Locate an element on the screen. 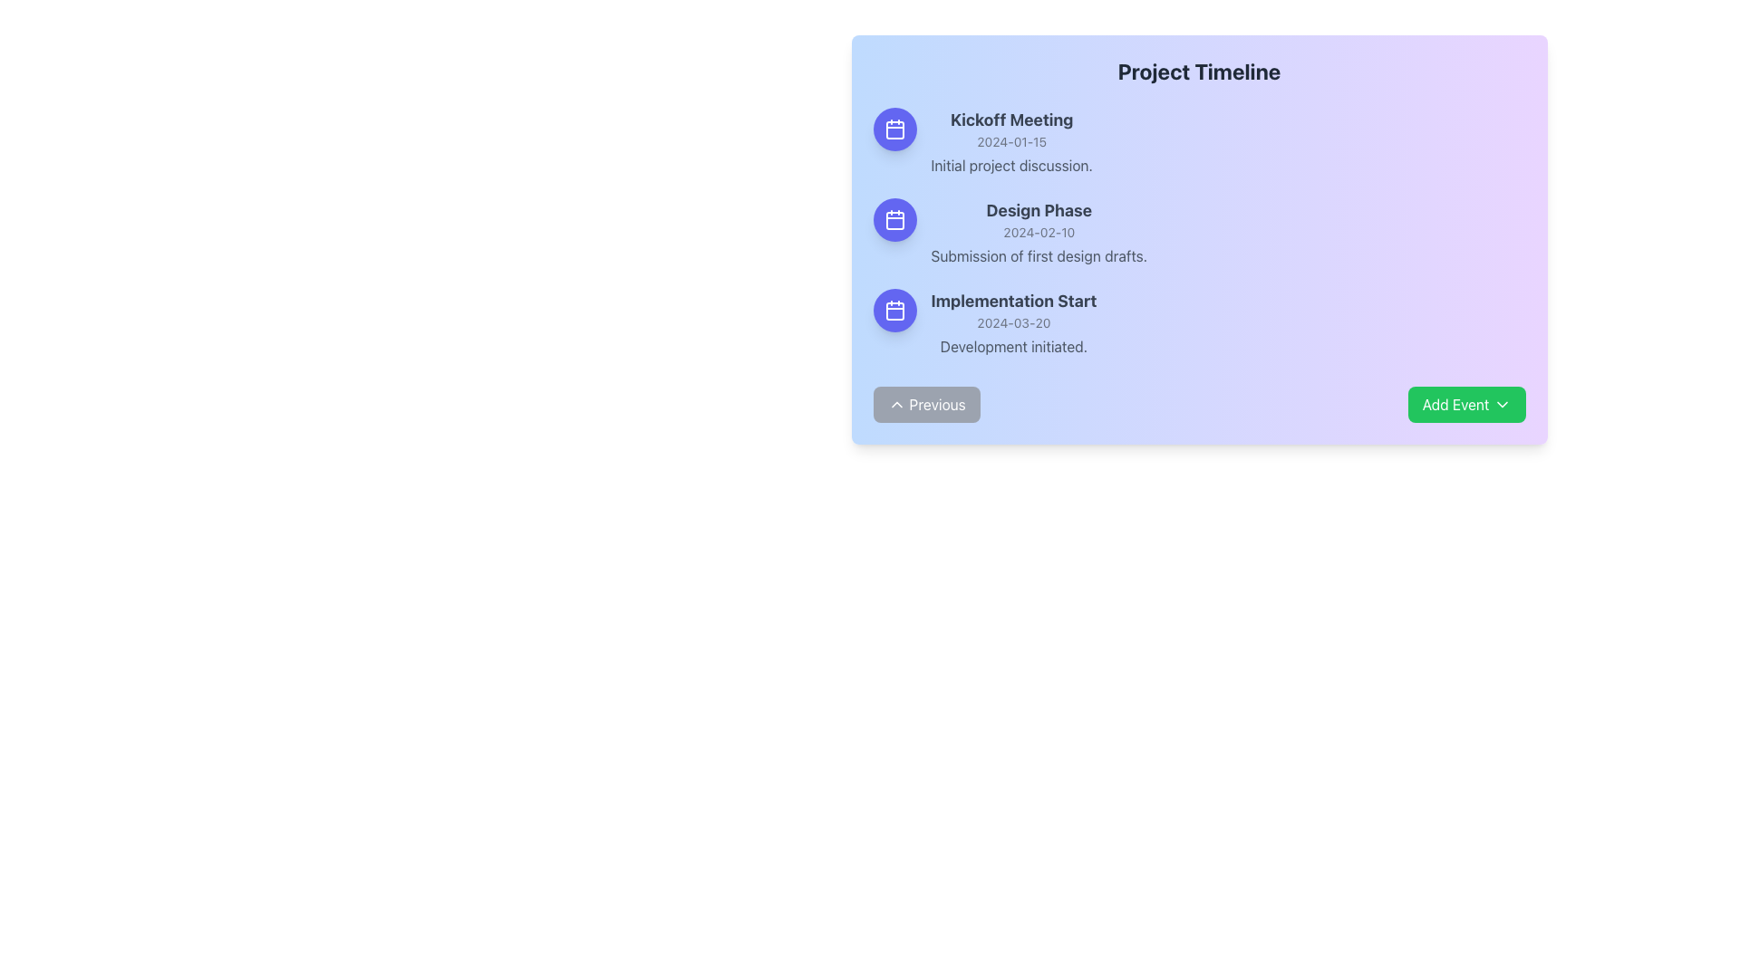 Image resolution: width=1740 pixels, height=978 pixels. the calendar icon located in the 'Project Timeline' section, which is the leftmost icon in the first row, next to the 'Kickoff Meeting' text is located at coordinates (894, 128).